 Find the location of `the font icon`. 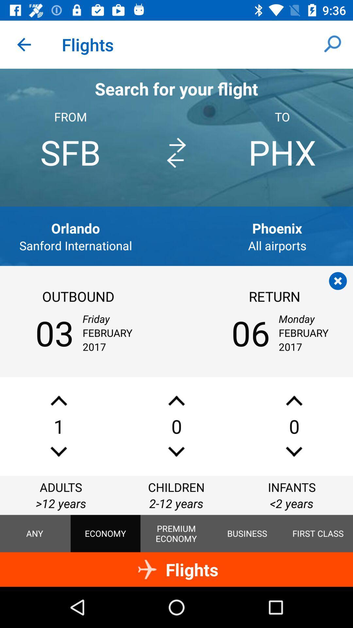

the font icon is located at coordinates (176, 400).